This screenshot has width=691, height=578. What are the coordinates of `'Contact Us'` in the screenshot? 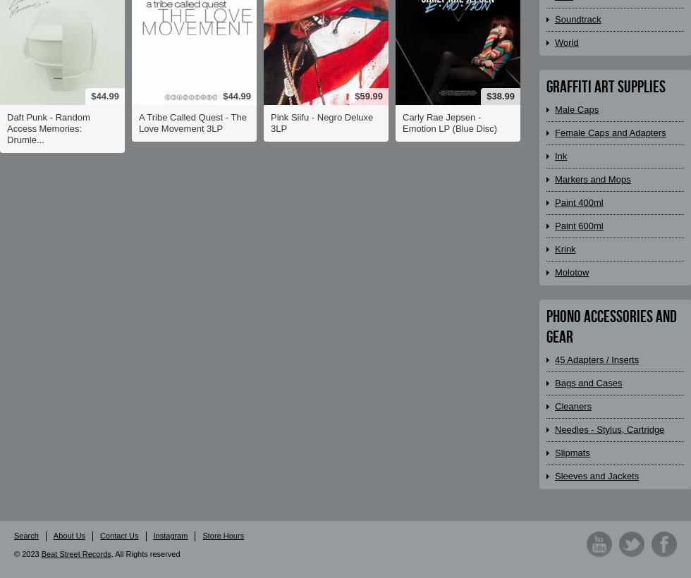 It's located at (100, 534).